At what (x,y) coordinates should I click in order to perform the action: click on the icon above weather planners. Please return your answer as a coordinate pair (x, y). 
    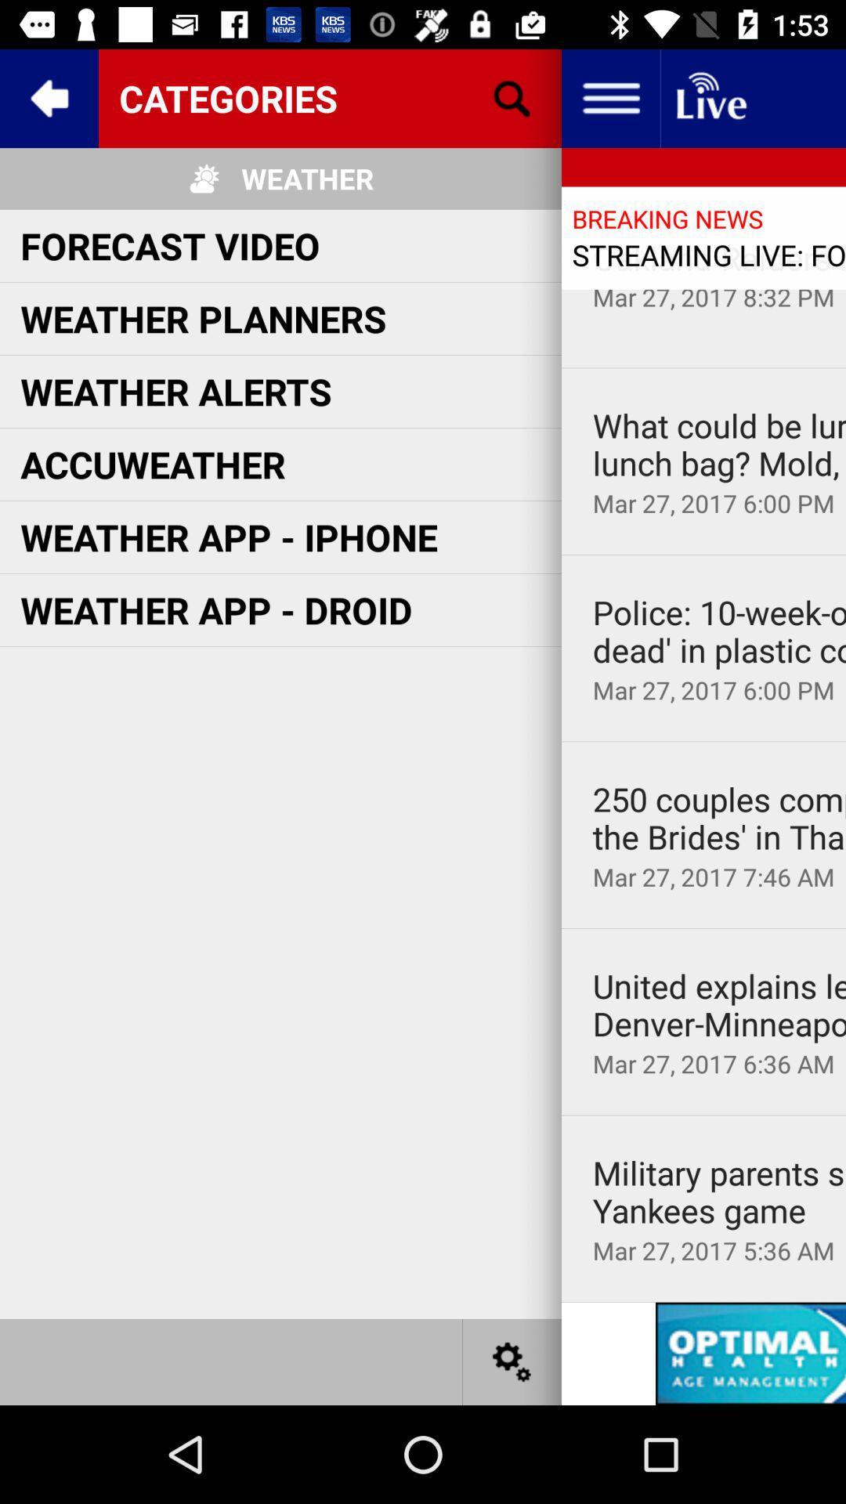
    Looking at the image, I should click on (170, 244).